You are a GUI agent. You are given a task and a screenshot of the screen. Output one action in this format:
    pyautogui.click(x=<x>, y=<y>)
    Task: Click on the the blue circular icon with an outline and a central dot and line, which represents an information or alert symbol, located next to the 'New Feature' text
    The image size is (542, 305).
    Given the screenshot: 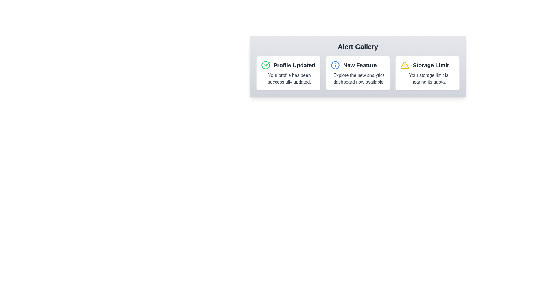 What is the action you would take?
    pyautogui.click(x=335, y=65)
    